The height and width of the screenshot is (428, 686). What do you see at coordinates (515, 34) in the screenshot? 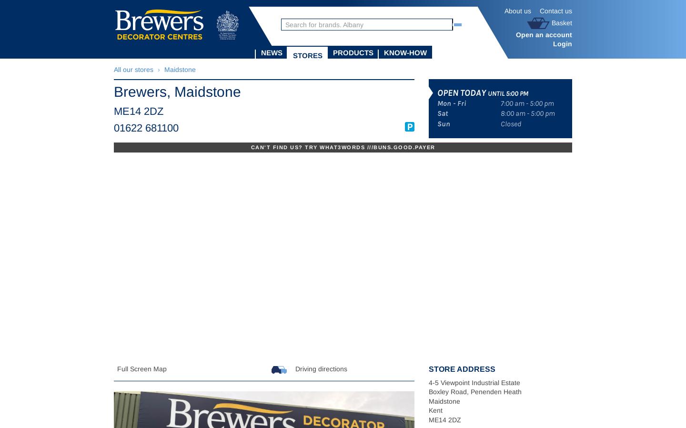
I see `'Open an account'` at bounding box center [515, 34].